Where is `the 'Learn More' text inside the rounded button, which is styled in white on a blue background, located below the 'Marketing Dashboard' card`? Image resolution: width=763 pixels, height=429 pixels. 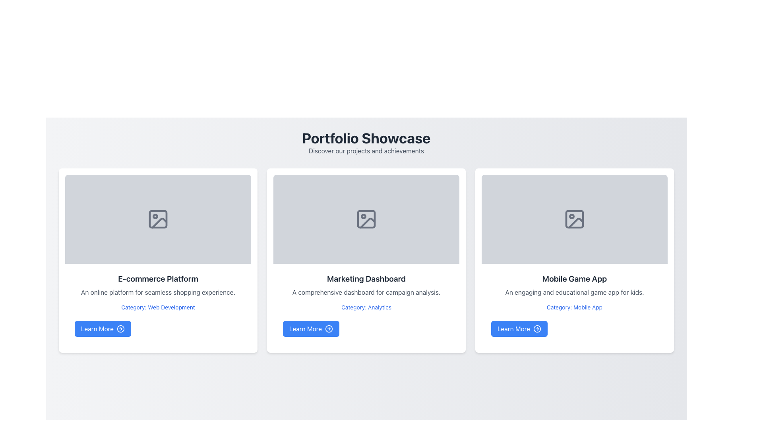
the 'Learn More' text inside the rounded button, which is styled in white on a blue background, located below the 'Marketing Dashboard' card is located at coordinates (305, 329).